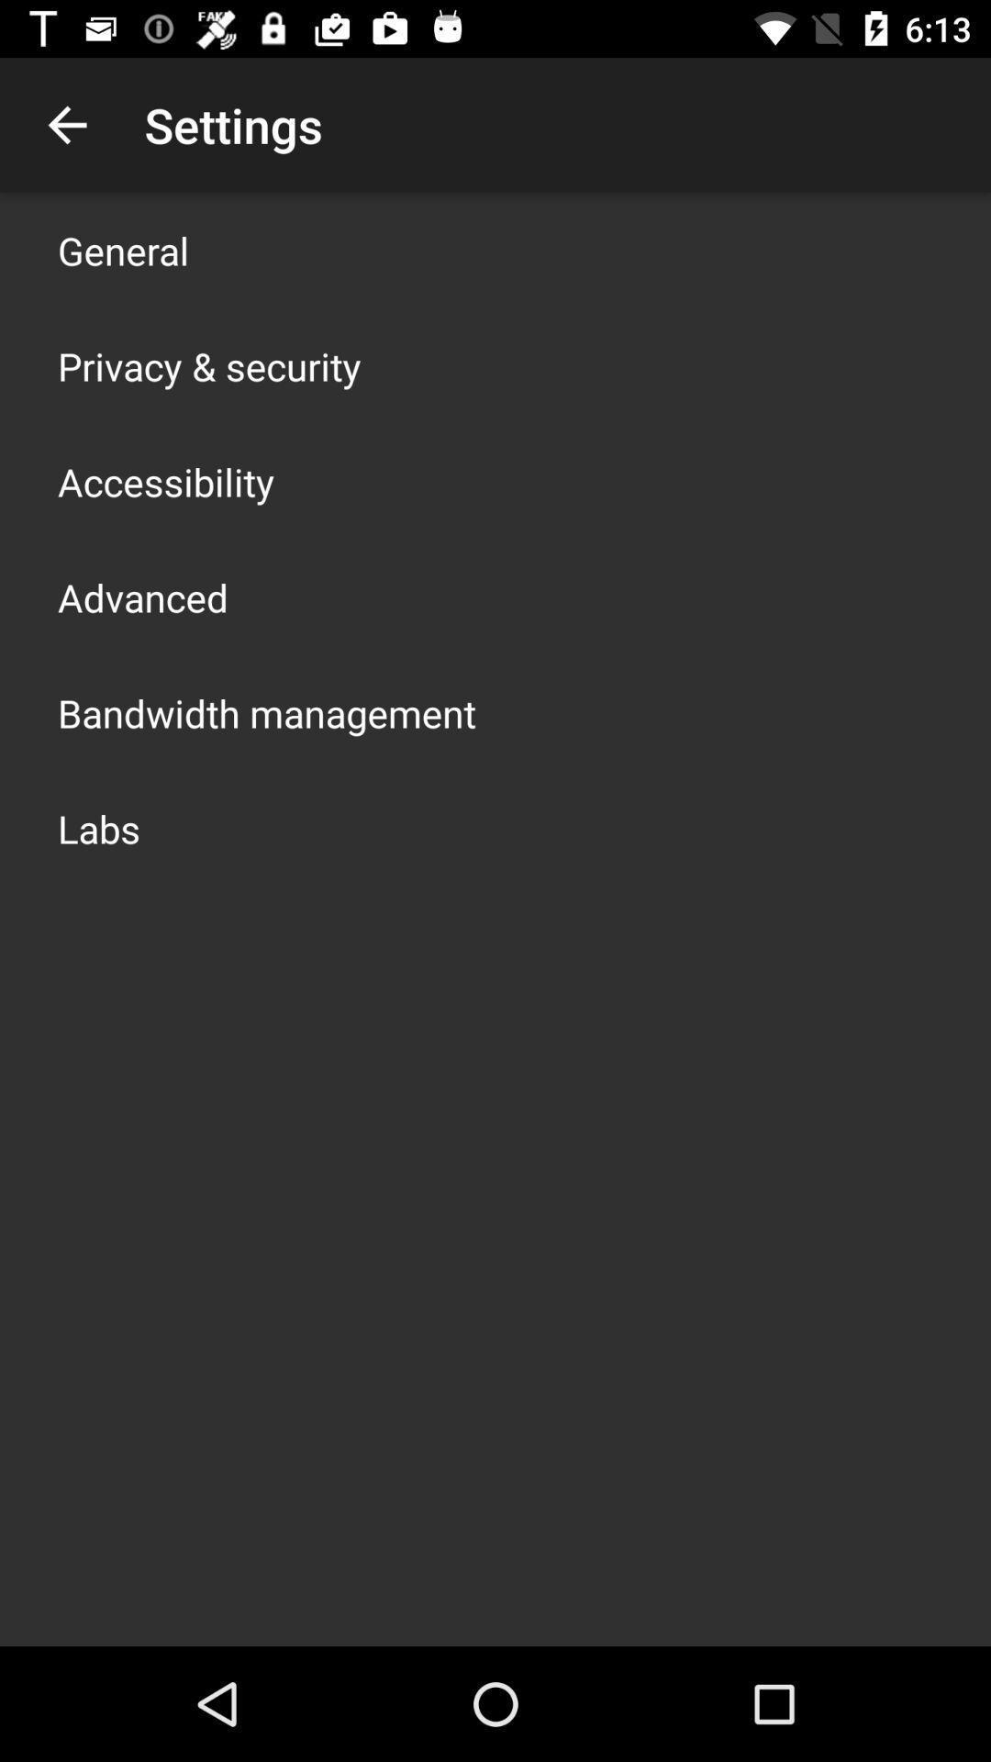  Describe the element at coordinates (66, 124) in the screenshot. I see `app to the left of the settings` at that location.